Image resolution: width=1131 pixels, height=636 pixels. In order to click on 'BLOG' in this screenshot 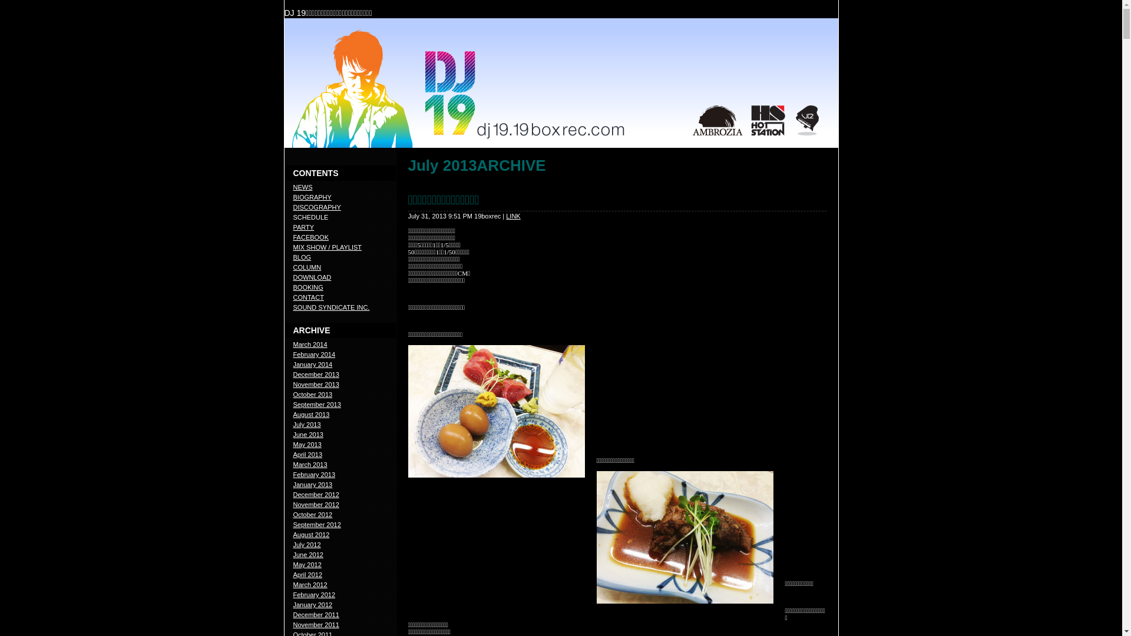, I will do `click(302, 256)`.